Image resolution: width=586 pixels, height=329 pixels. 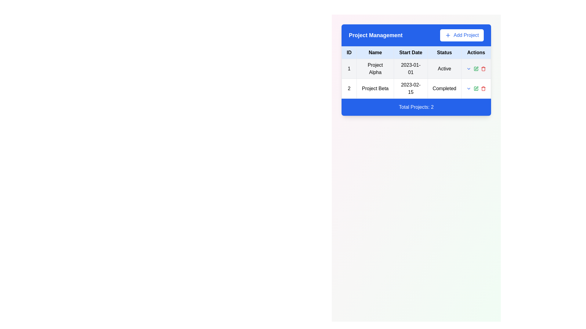 I want to click on the bolded text label reading 'Project Management' located in the header bar with a blue background, so click(x=375, y=35).